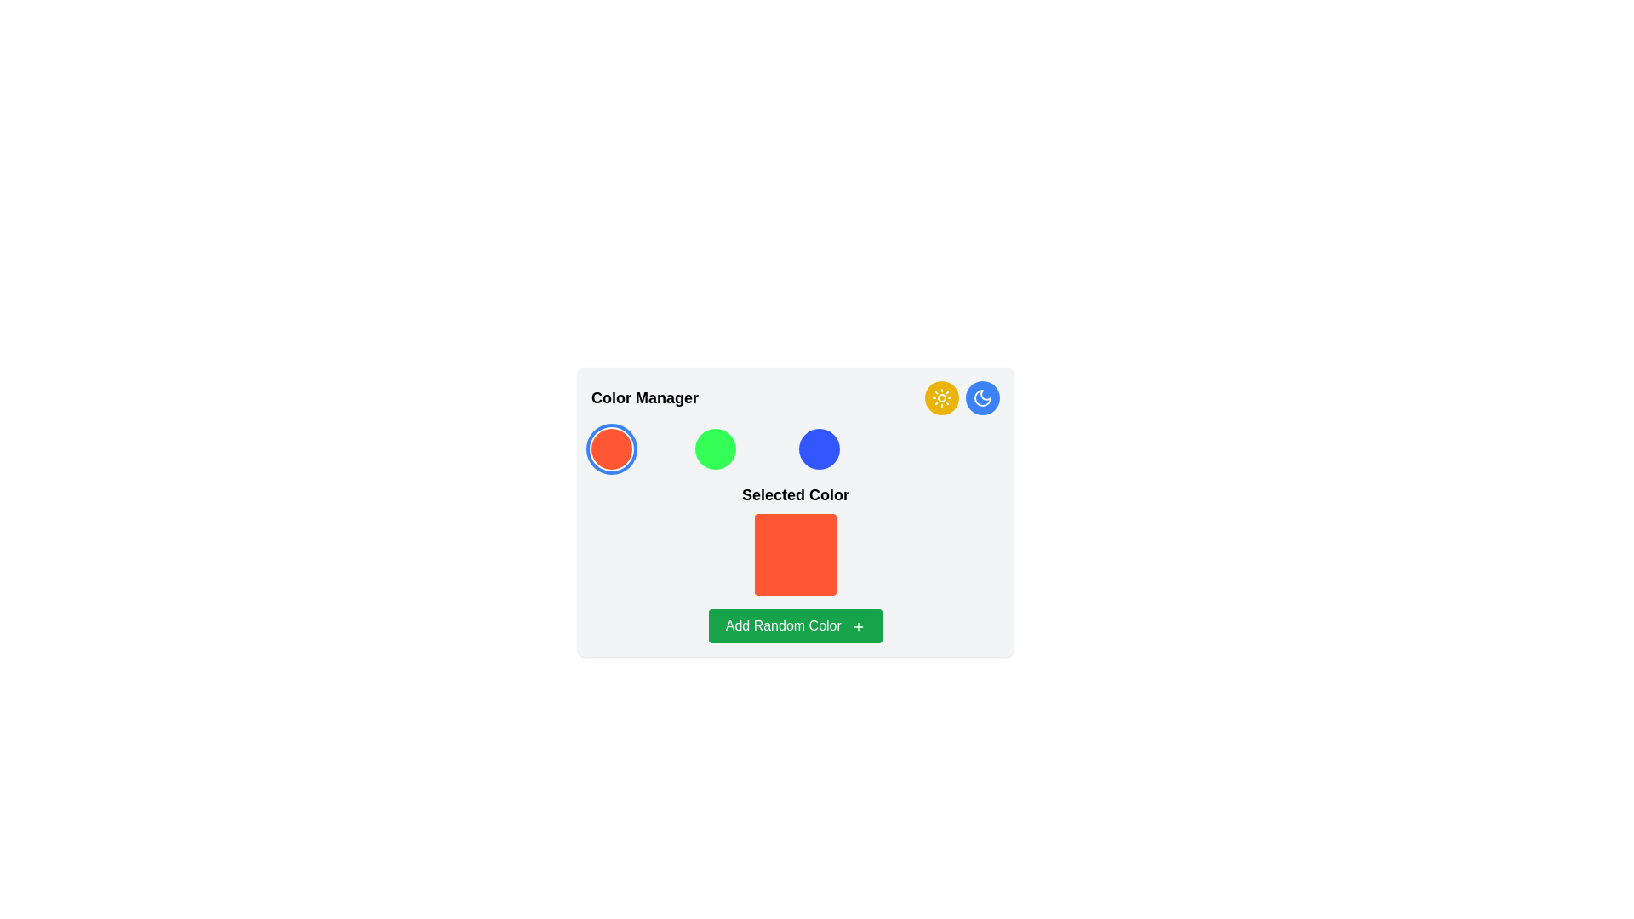 Image resolution: width=1634 pixels, height=919 pixels. What do you see at coordinates (963, 397) in the screenshot?
I see `the button group consisting of a yellow sun icon button and a blue moon icon button located in the top-right section of the 'Color Manager' panel` at bounding box center [963, 397].